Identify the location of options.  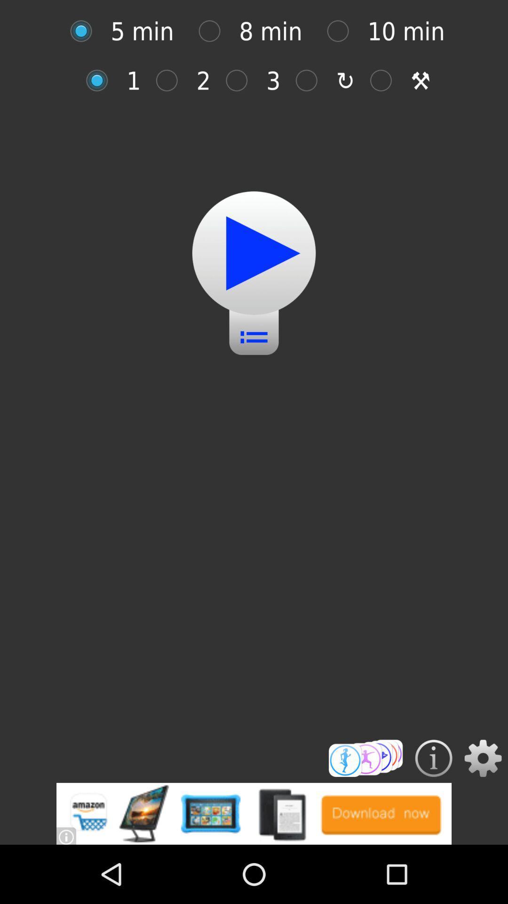
(483, 758).